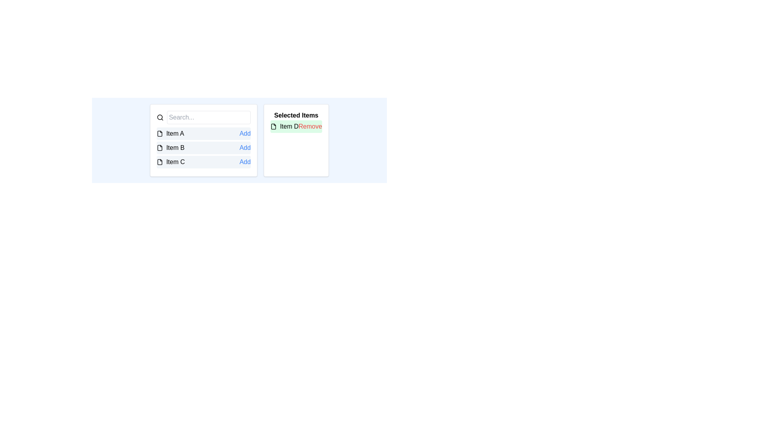 Image resolution: width=758 pixels, height=426 pixels. Describe the element at coordinates (159, 133) in the screenshot. I see `the graphical icon representing a file located to the left of the text 'Item A' in the item selection panel` at that location.